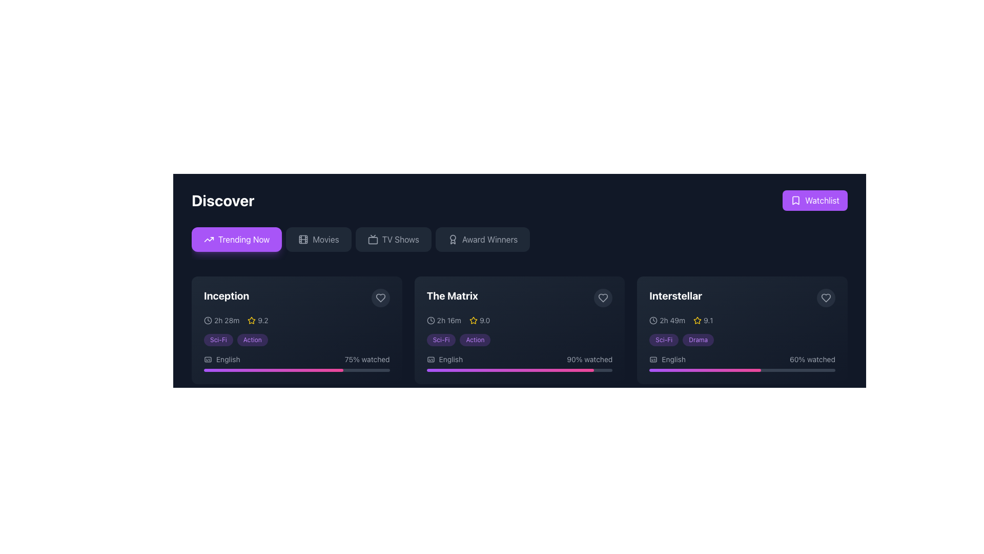 The image size is (984, 554). I want to click on the like icon located at the top-right corner of the card titled 'The Matrix', so click(603, 298).